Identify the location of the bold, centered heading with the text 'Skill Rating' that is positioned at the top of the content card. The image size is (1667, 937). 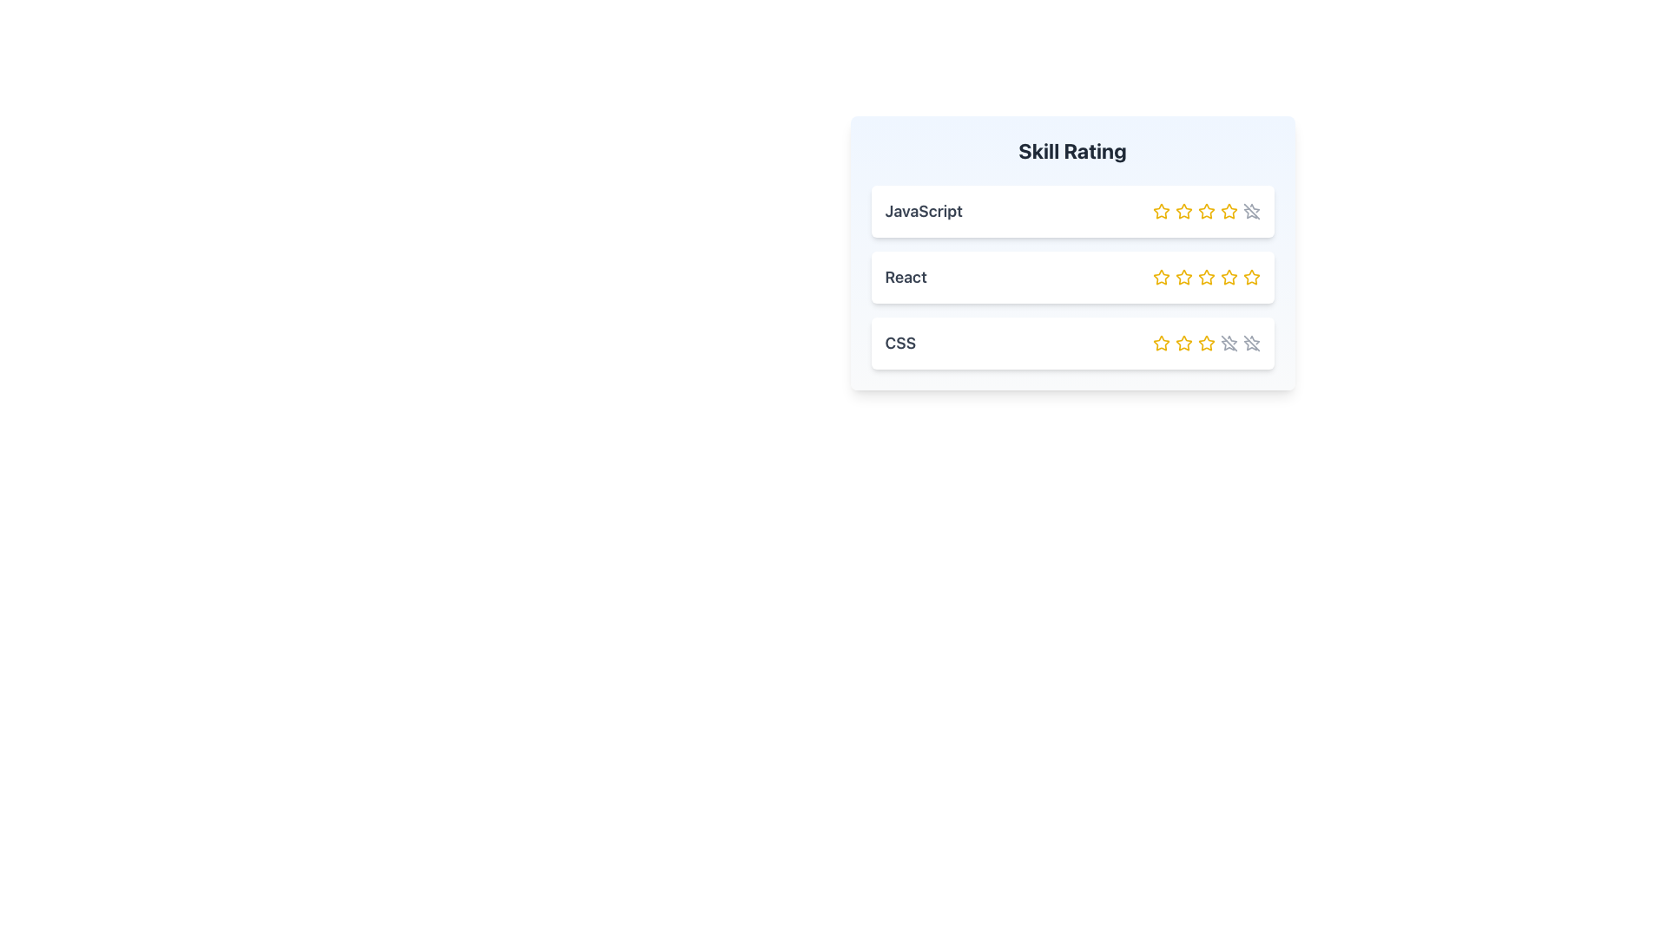
(1071, 149).